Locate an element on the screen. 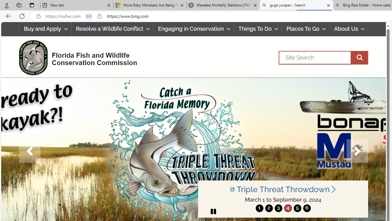  'Engaging in Conservation' is located at coordinates (193, 29).